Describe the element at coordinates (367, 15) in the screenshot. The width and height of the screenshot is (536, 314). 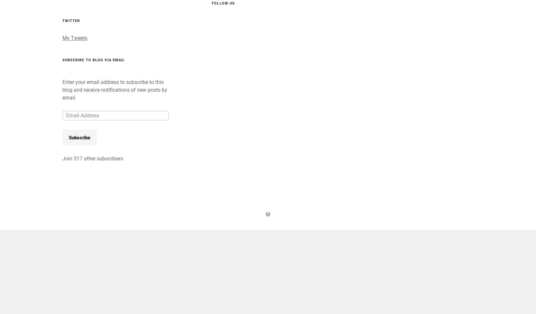
I see `'How we do it'` at that location.